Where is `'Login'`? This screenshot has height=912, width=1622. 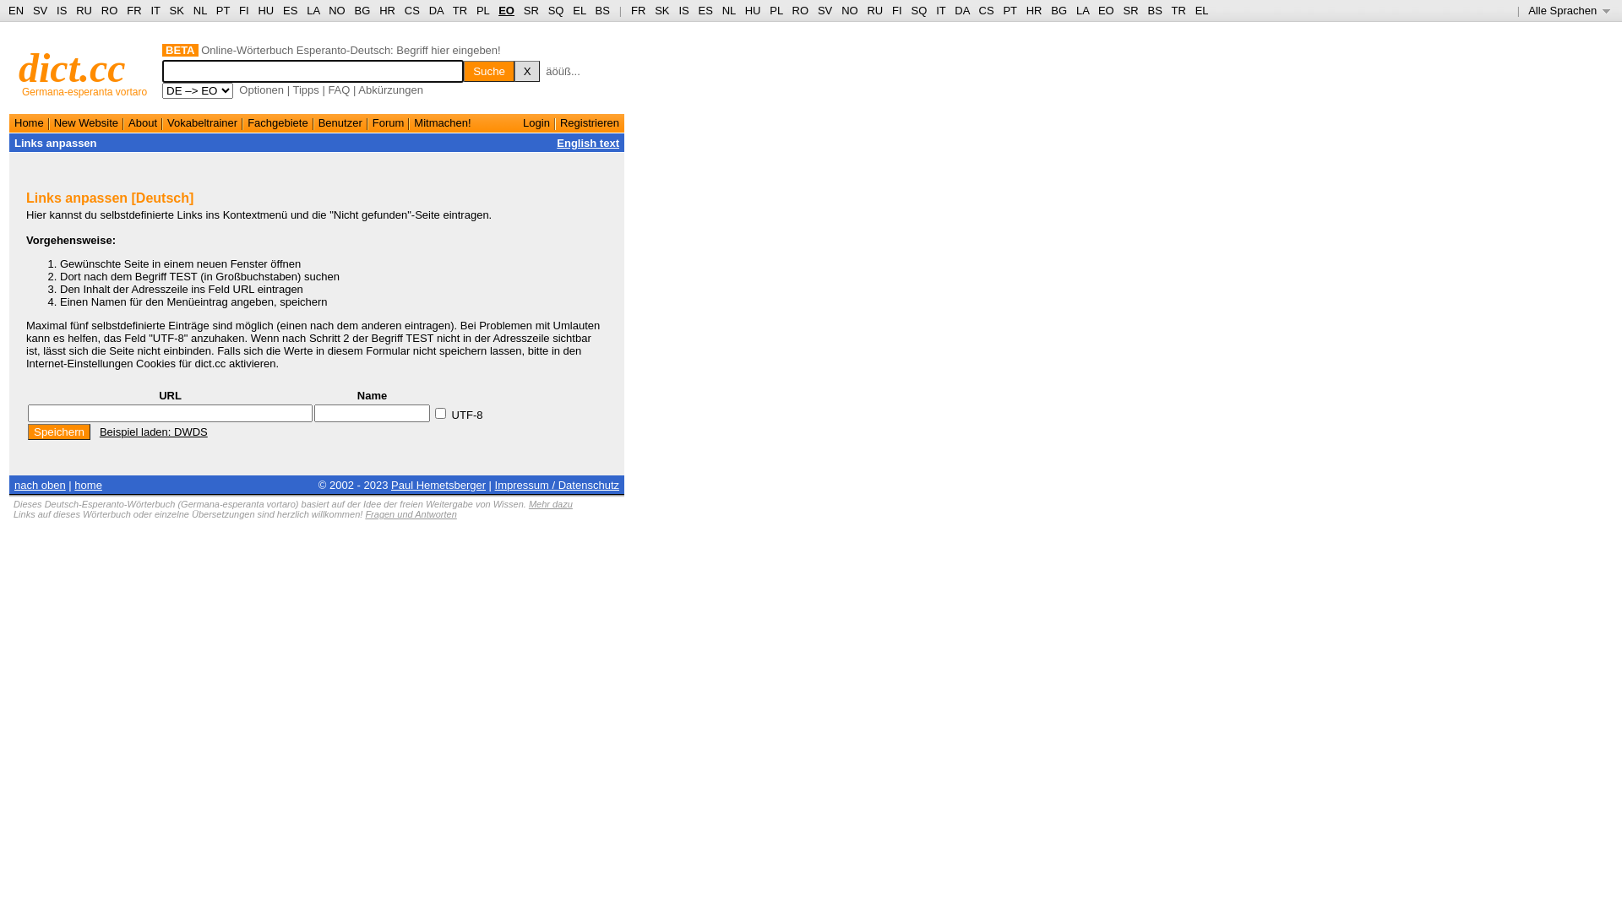
'Login' is located at coordinates (522, 122).